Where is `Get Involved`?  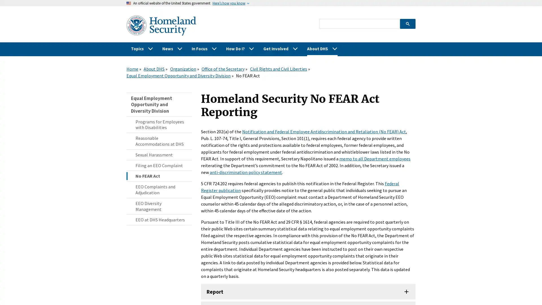
Get Involved is located at coordinates (281, 48).